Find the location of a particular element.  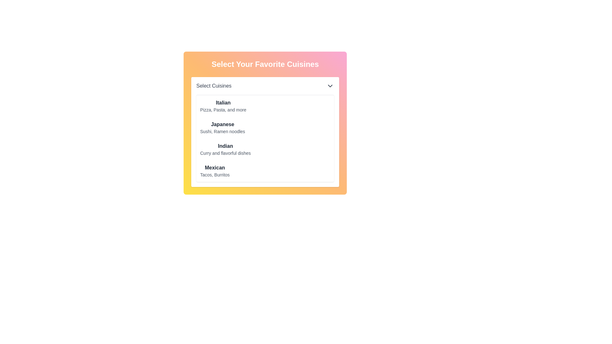

the static text label displaying 'Mexican', which is styled in bold dark gray and serves as a heading for the cuisine category in the dropdown list is located at coordinates (215, 168).